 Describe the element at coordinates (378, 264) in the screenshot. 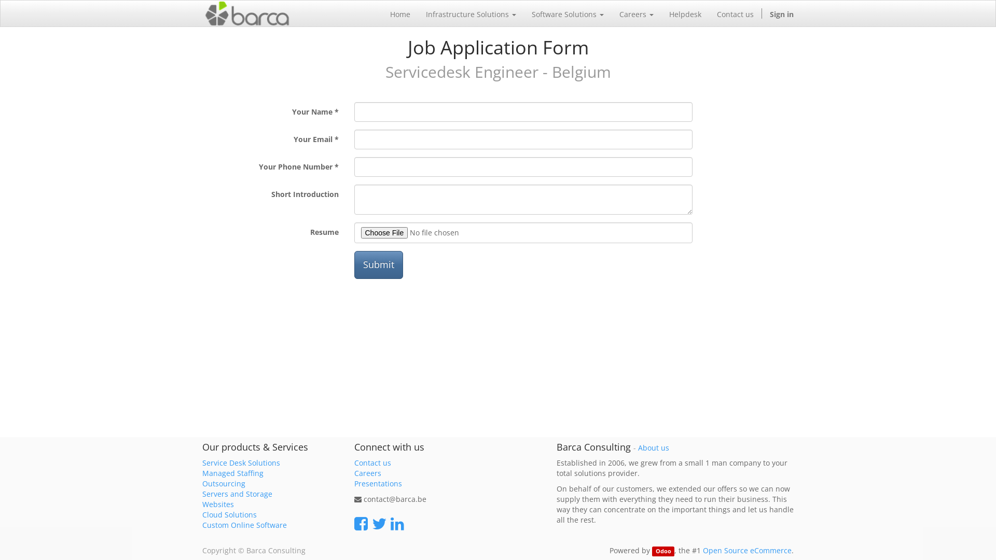

I see `'Submit'` at that location.